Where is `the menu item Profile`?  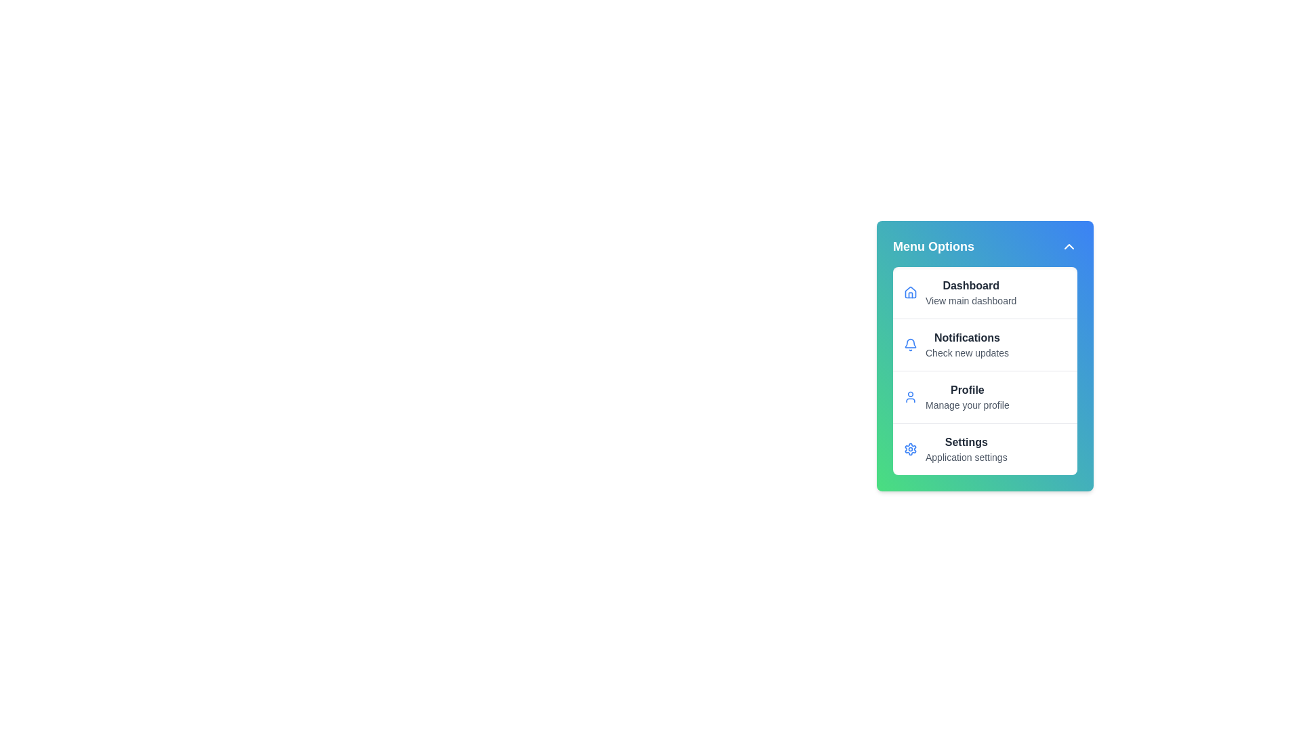 the menu item Profile is located at coordinates (985, 396).